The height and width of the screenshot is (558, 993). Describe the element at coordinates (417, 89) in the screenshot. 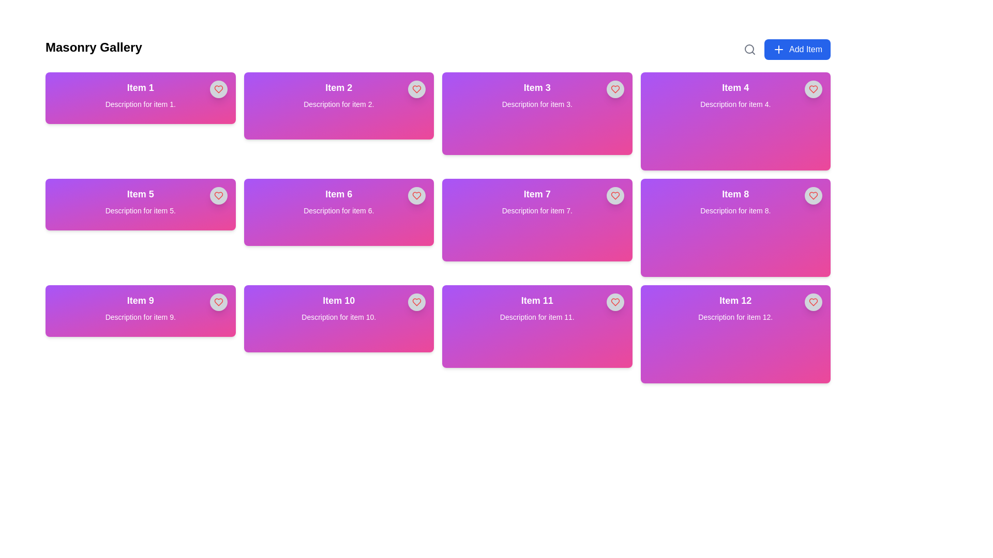

I see `the circular gray button with a red outlined heart icon located at the top-right corner of the card for 'Item 2'` at that location.